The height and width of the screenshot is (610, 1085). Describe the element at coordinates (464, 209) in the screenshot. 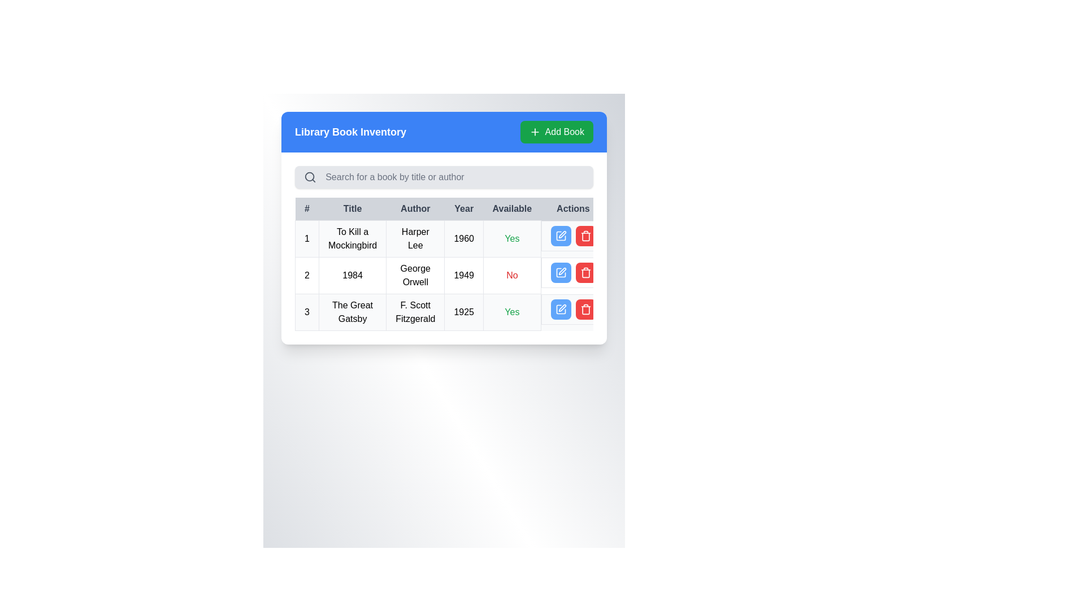

I see `the table header indicating the year, which is located in the fourth column of the table header row, positioned between 'Author' and 'Available'` at that location.